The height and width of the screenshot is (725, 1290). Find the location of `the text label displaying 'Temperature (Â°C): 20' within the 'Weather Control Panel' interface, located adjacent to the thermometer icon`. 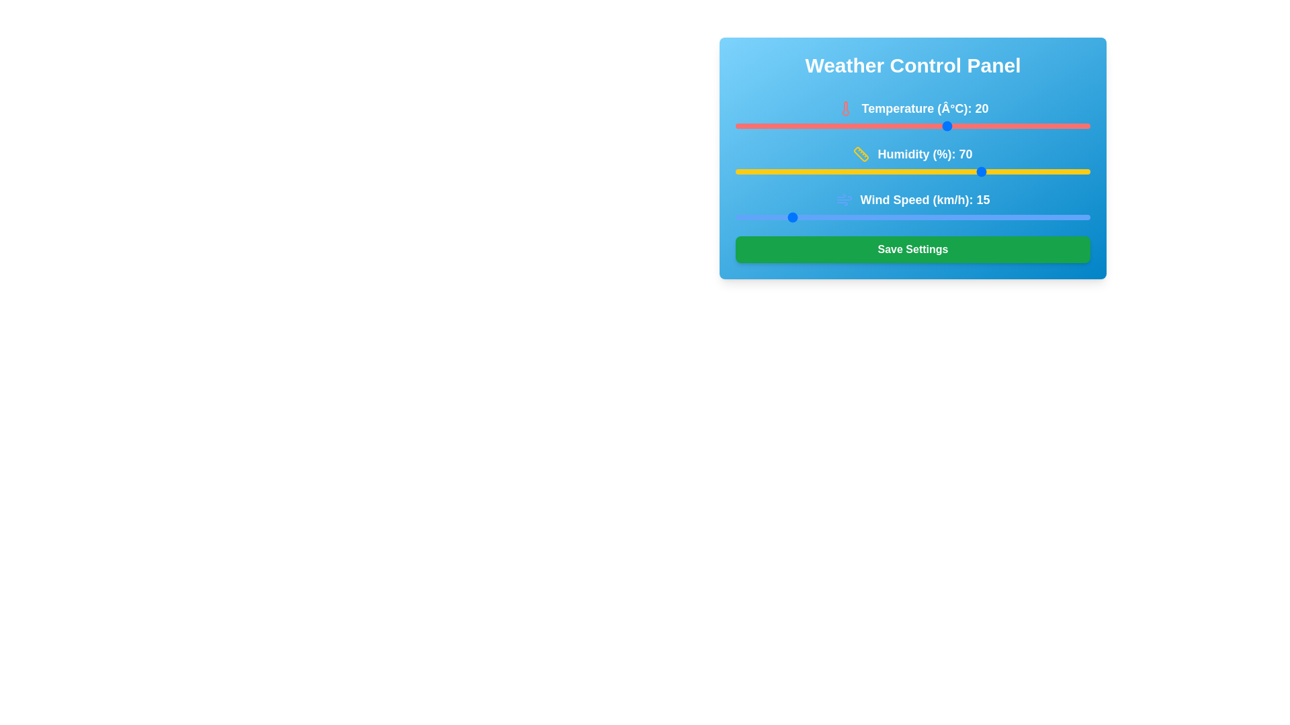

the text label displaying 'Temperature (Â°C): 20' within the 'Weather Control Panel' interface, located adjacent to the thermometer icon is located at coordinates (924, 108).